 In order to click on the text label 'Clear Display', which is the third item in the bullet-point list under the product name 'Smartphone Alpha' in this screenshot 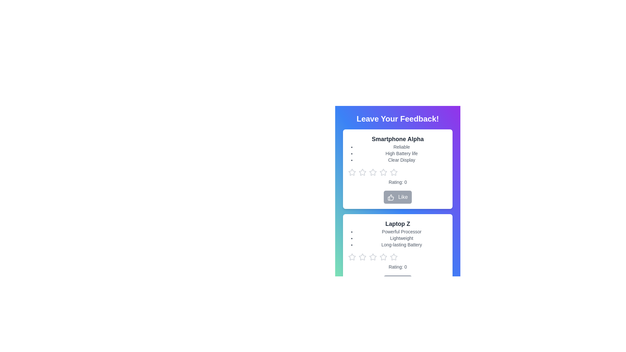, I will do `click(401, 160)`.